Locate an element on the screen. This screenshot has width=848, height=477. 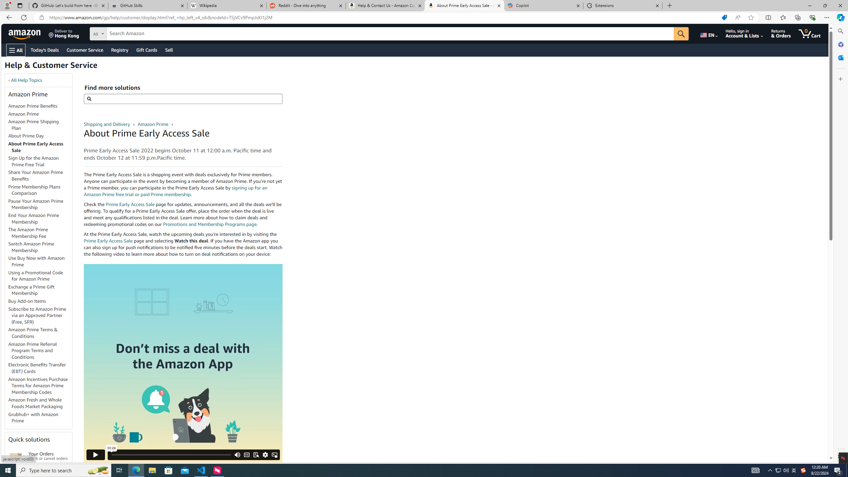
'Amazon Prime Referral Program Terms and Conditions' is located at coordinates (40, 350).